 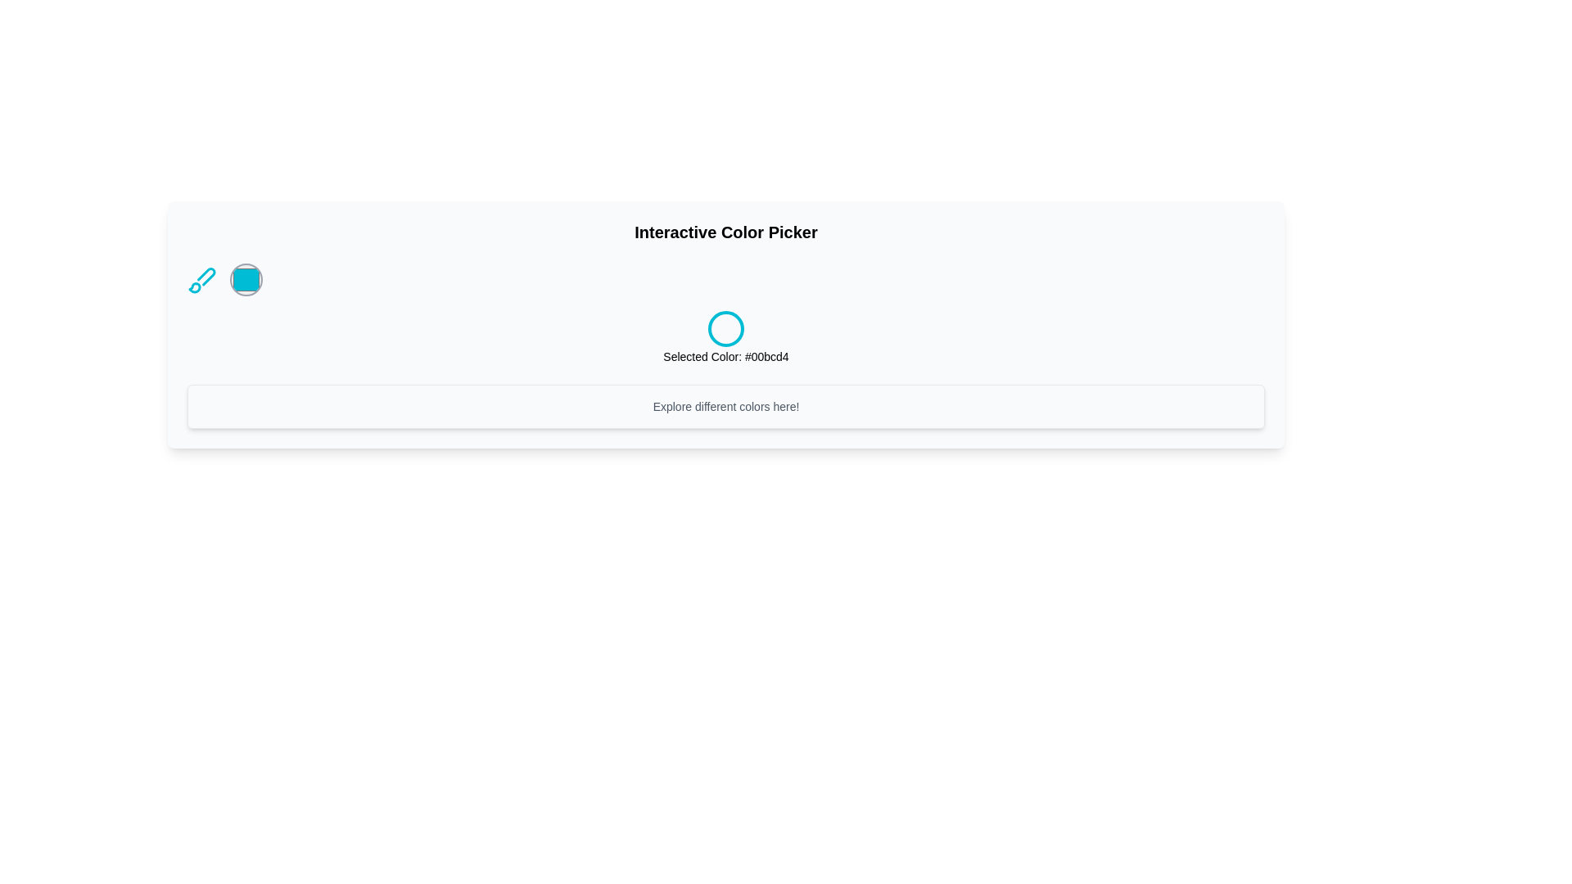 What do you see at coordinates (725, 355) in the screenshot?
I see `the text label displaying the currently selected color code, which is positioned below the circle icon in the central area of the interface` at bounding box center [725, 355].